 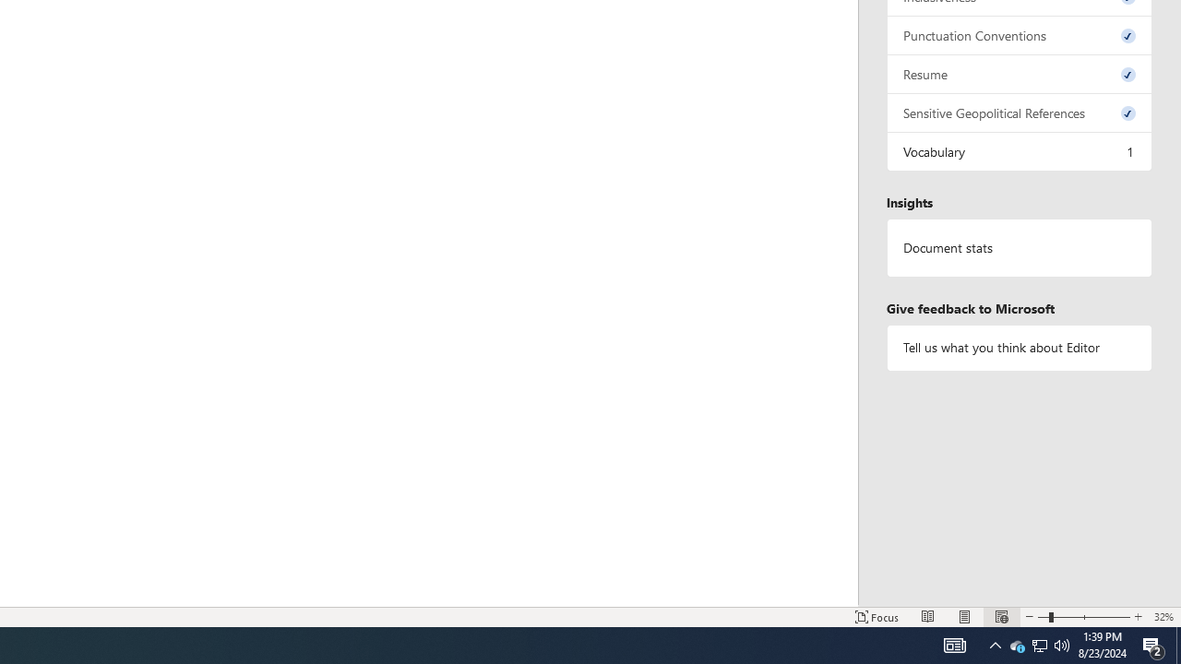 What do you see at coordinates (1019, 247) in the screenshot?
I see `'Document statistics'` at bounding box center [1019, 247].